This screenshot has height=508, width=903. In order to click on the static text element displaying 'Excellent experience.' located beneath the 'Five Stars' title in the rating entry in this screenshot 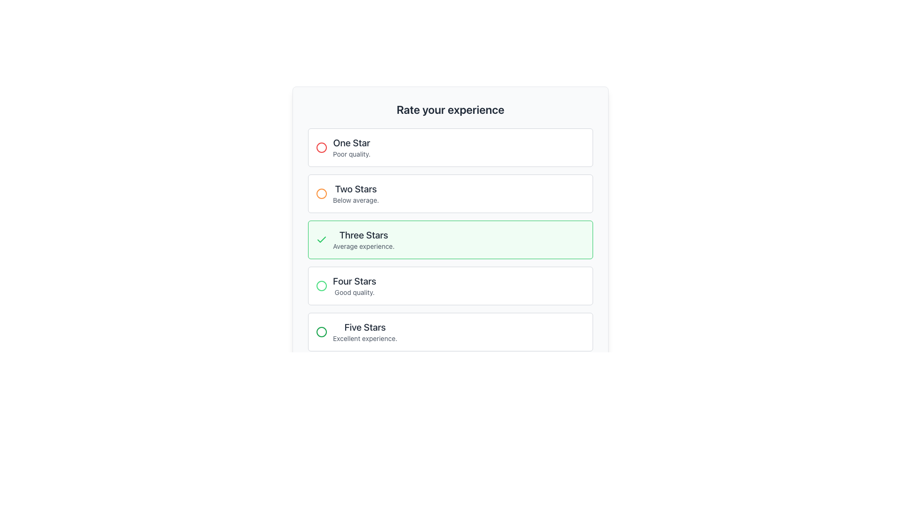, I will do `click(364, 339)`.